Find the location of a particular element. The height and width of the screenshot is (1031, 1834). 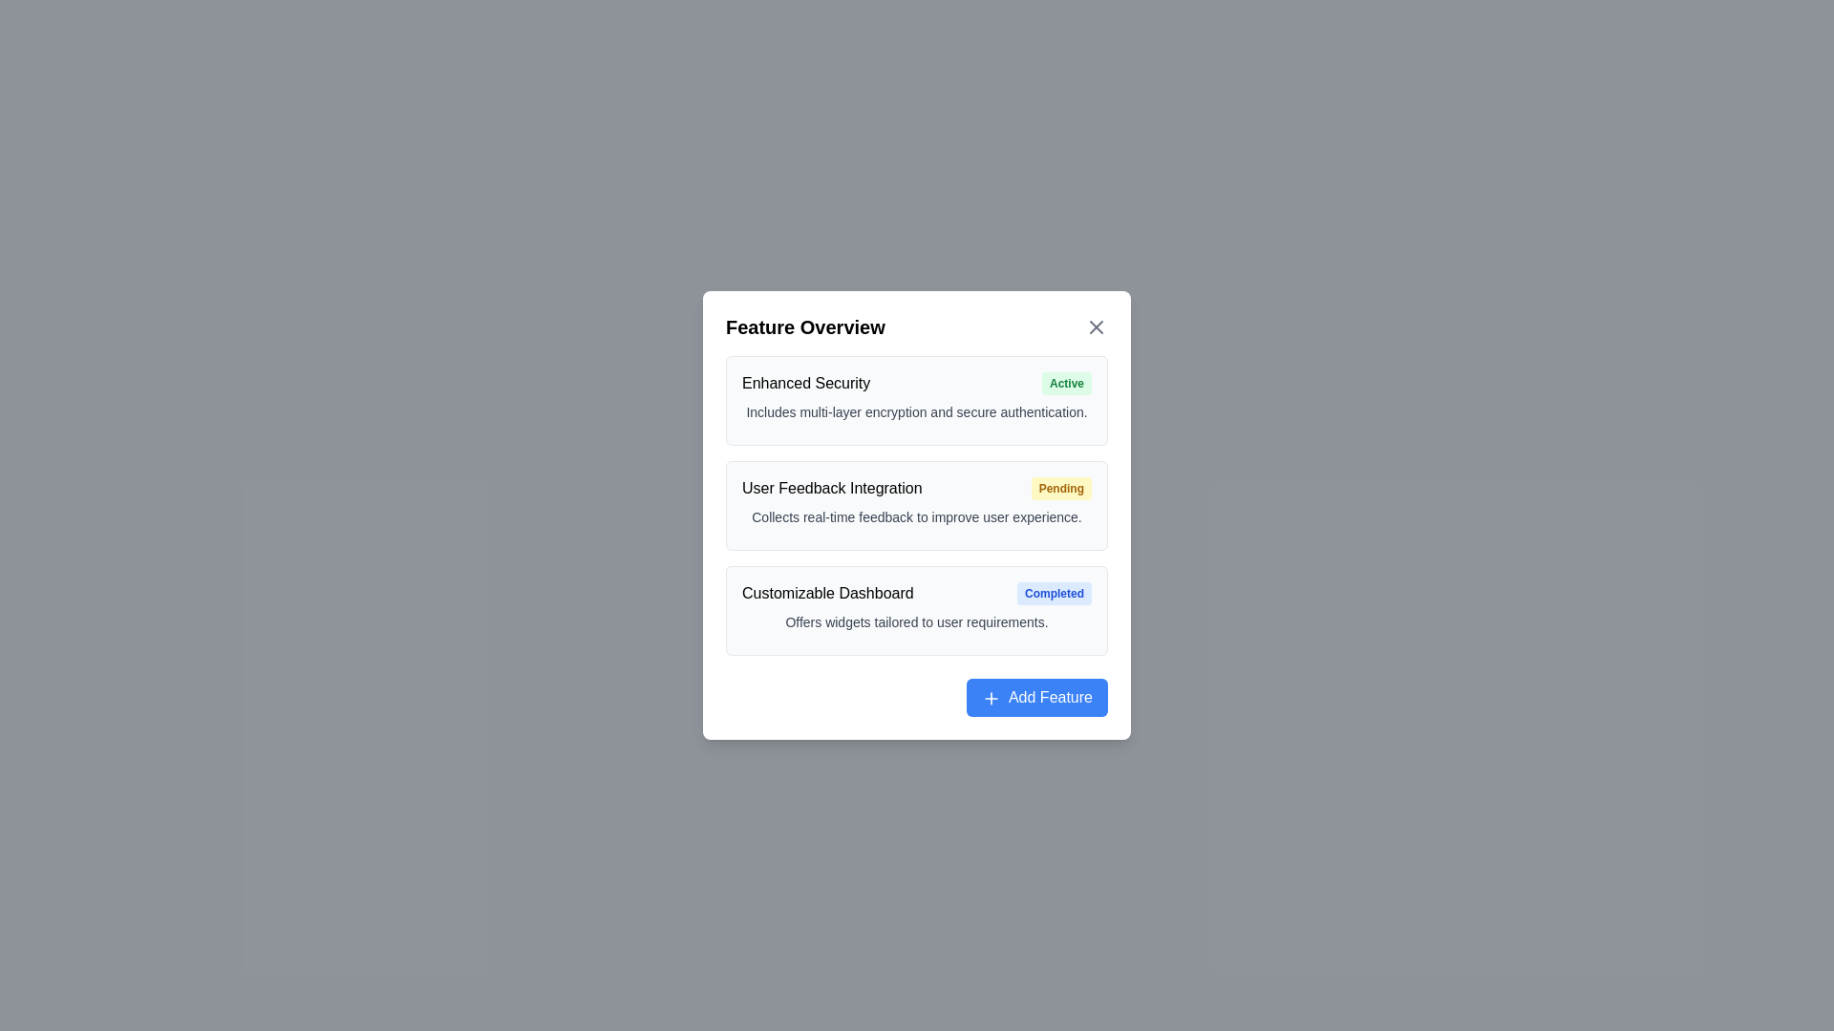

the text element displaying 'Collects real-time feedback to improve user experience.' which is styled in gray and positioned below 'User Feedback Integration' in the interface is located at coordinates (917, 517).